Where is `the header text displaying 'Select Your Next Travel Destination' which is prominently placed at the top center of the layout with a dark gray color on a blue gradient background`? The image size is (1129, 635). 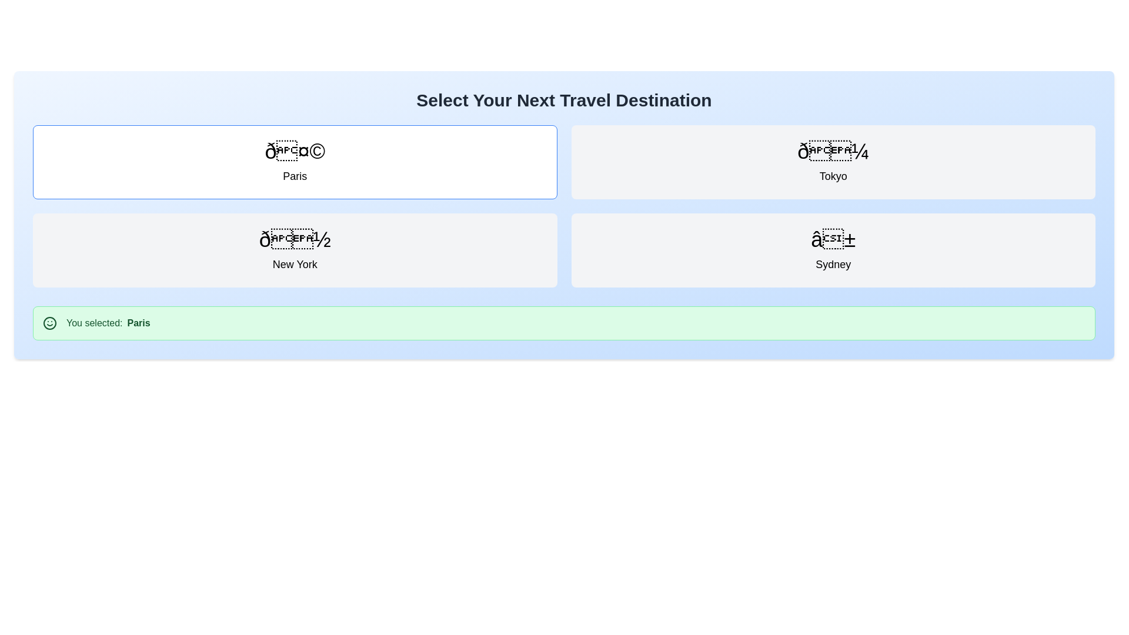 the header text displaying 'Select Your Next Travel Destination' which is prominently placed at the top center of the layout with a dark gray color on a blue gradient background is located at coordinates (563, 99).